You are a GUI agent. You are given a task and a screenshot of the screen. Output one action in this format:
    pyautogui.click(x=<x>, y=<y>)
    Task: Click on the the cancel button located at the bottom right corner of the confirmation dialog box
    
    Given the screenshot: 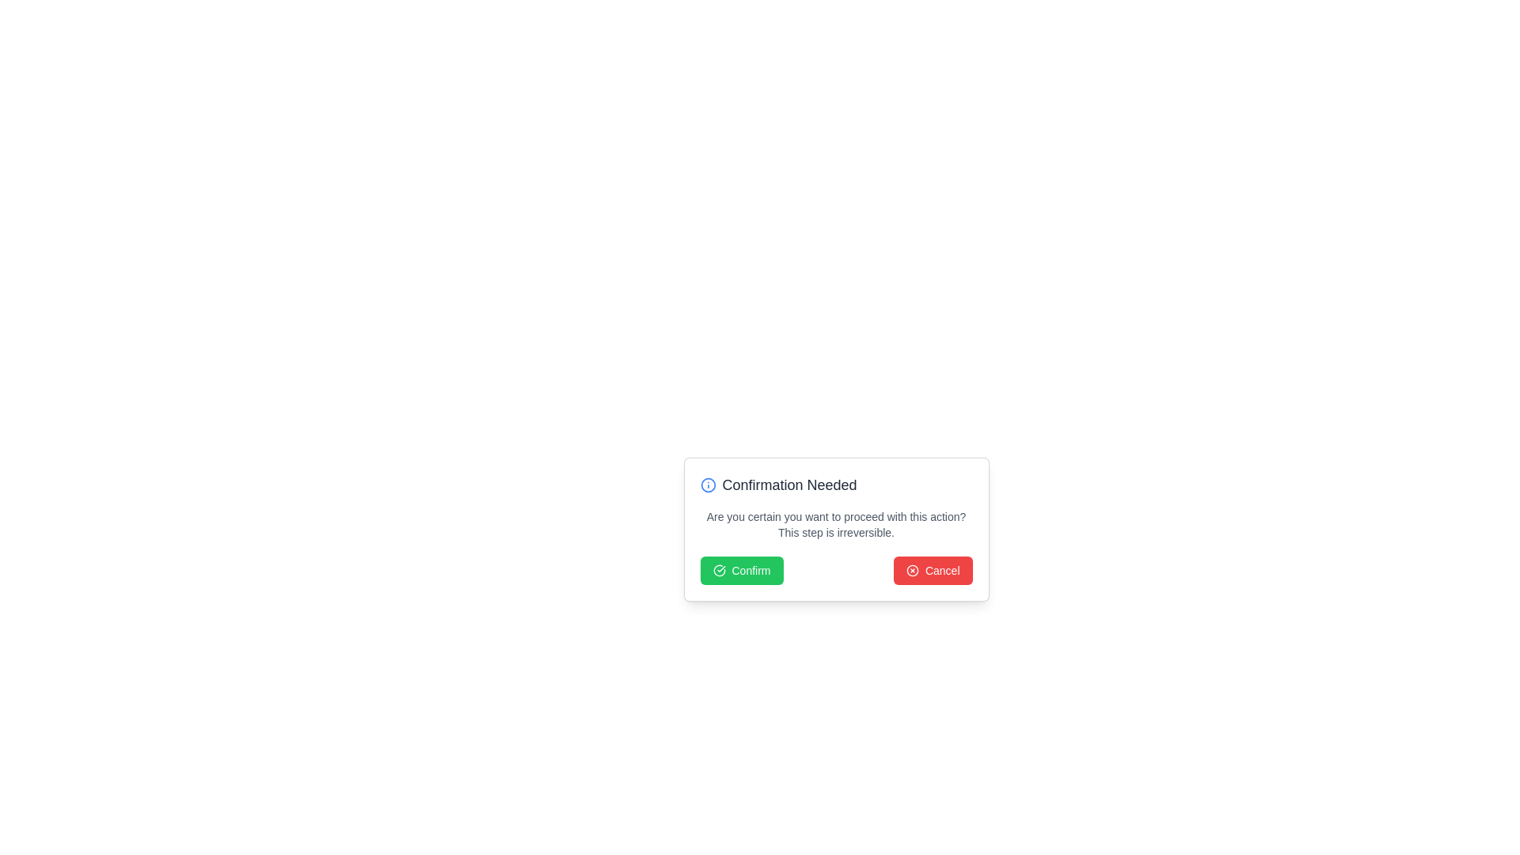 What is the action you would take?
    pyautogui.click(x=933, y=571)
    